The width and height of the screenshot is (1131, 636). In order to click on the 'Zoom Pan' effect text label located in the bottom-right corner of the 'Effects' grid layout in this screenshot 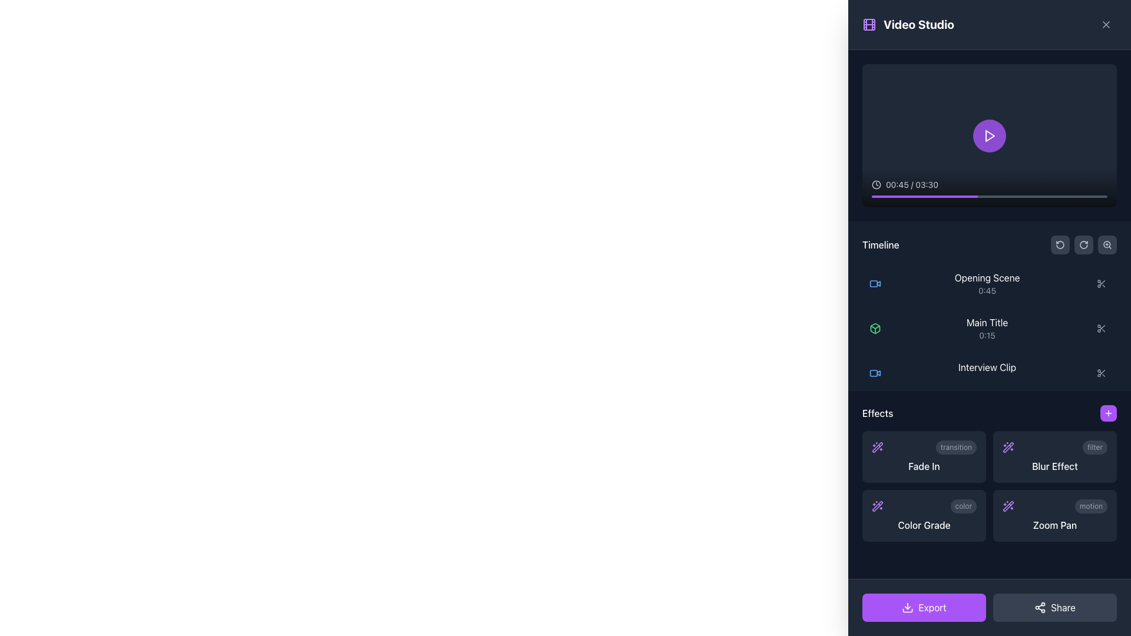, I will do `click(1054, 524)`.